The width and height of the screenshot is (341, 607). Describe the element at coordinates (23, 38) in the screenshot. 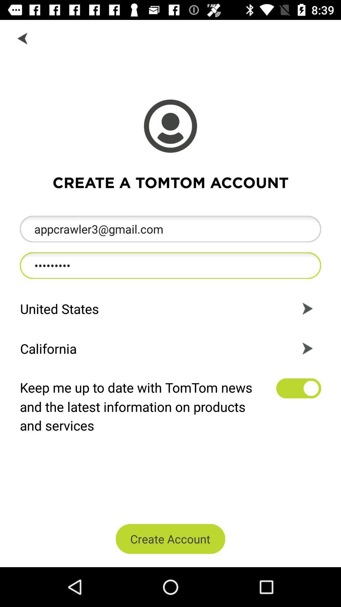

I see `the backword option` at that location.